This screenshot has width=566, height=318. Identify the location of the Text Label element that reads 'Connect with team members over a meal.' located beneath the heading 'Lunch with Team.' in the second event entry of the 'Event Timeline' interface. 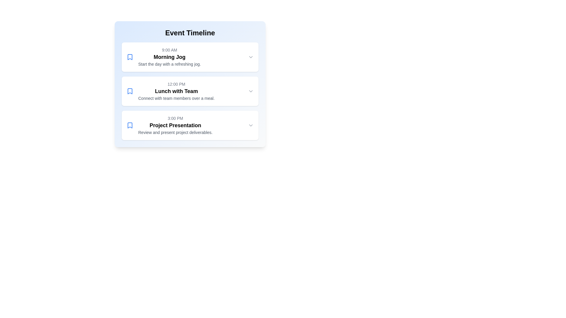
(176, 98).